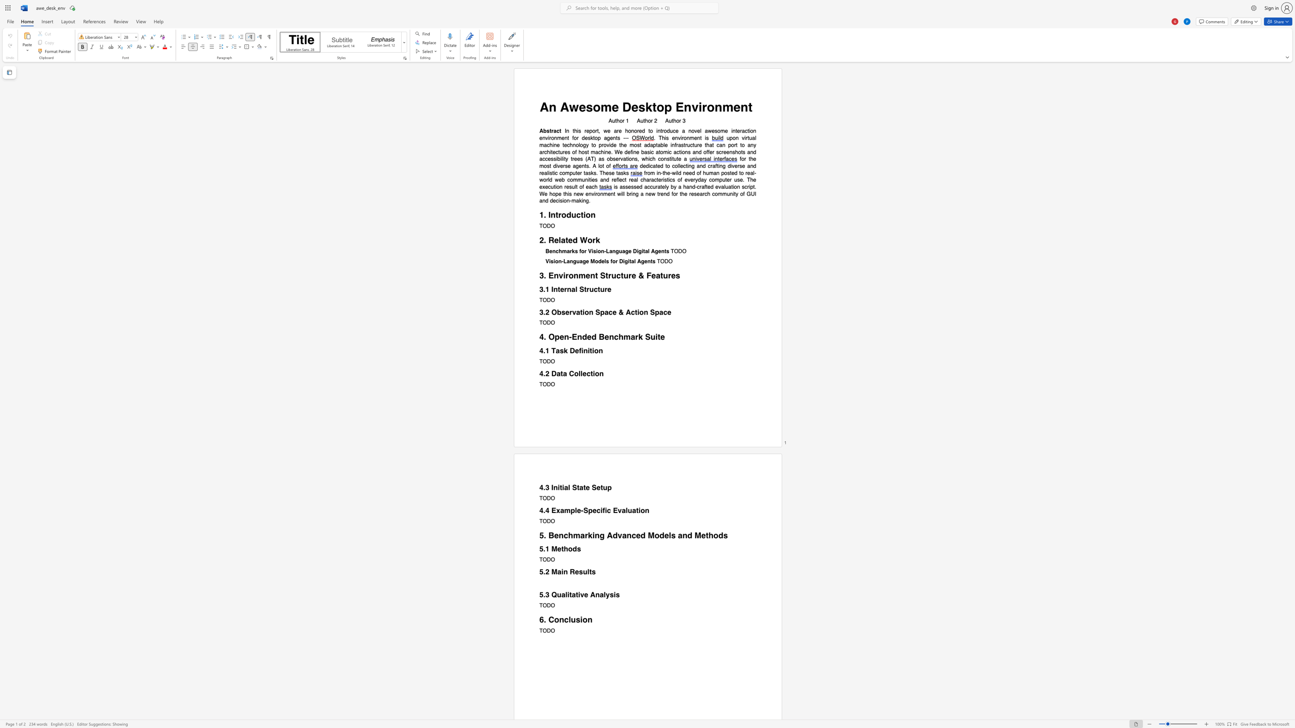 The height and width of the screenshot is (728, 1295). I want to click on the subset text "GUI and decision-maki" within the text "will bring a new trend for the research community of GUI and decision-making.", so click(746, 194).